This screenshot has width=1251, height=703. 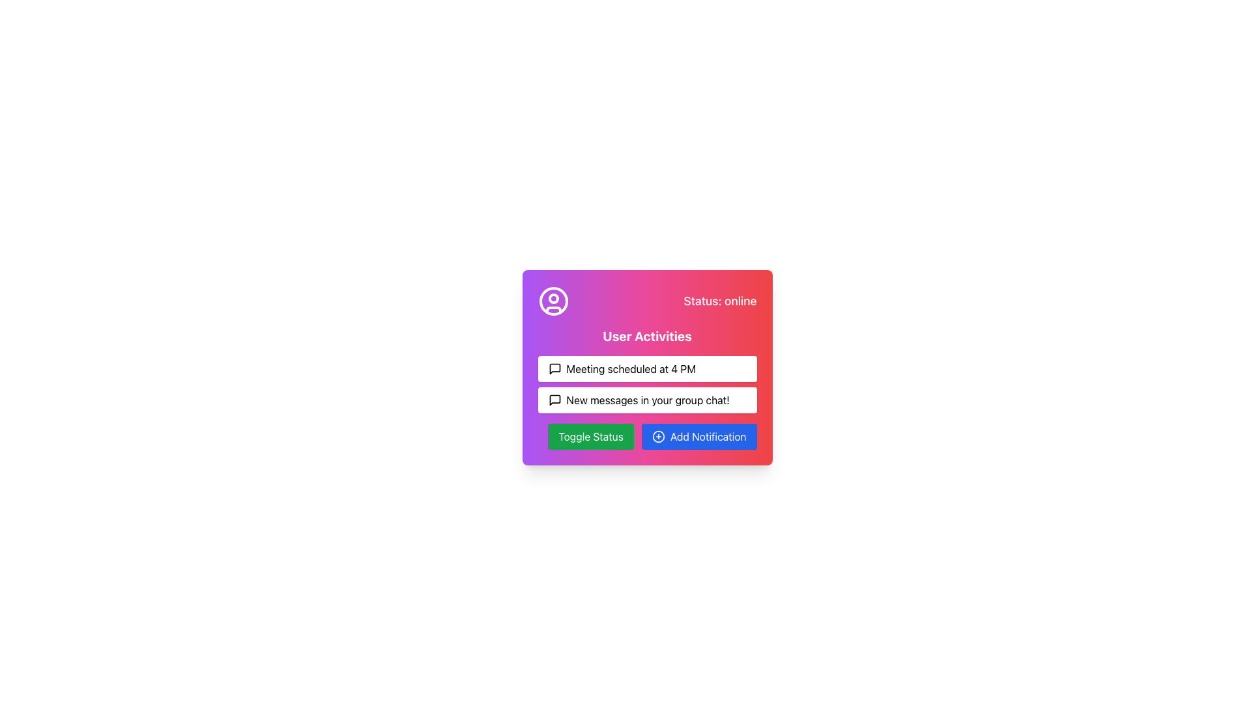 What do you see at coordinates (647, 383) in the screenshot?
I see `text from the notification card displaying 'Meeting scheduled at 4 PM' and 'New messages in your group chat!'` at bounding box center [647, 383].